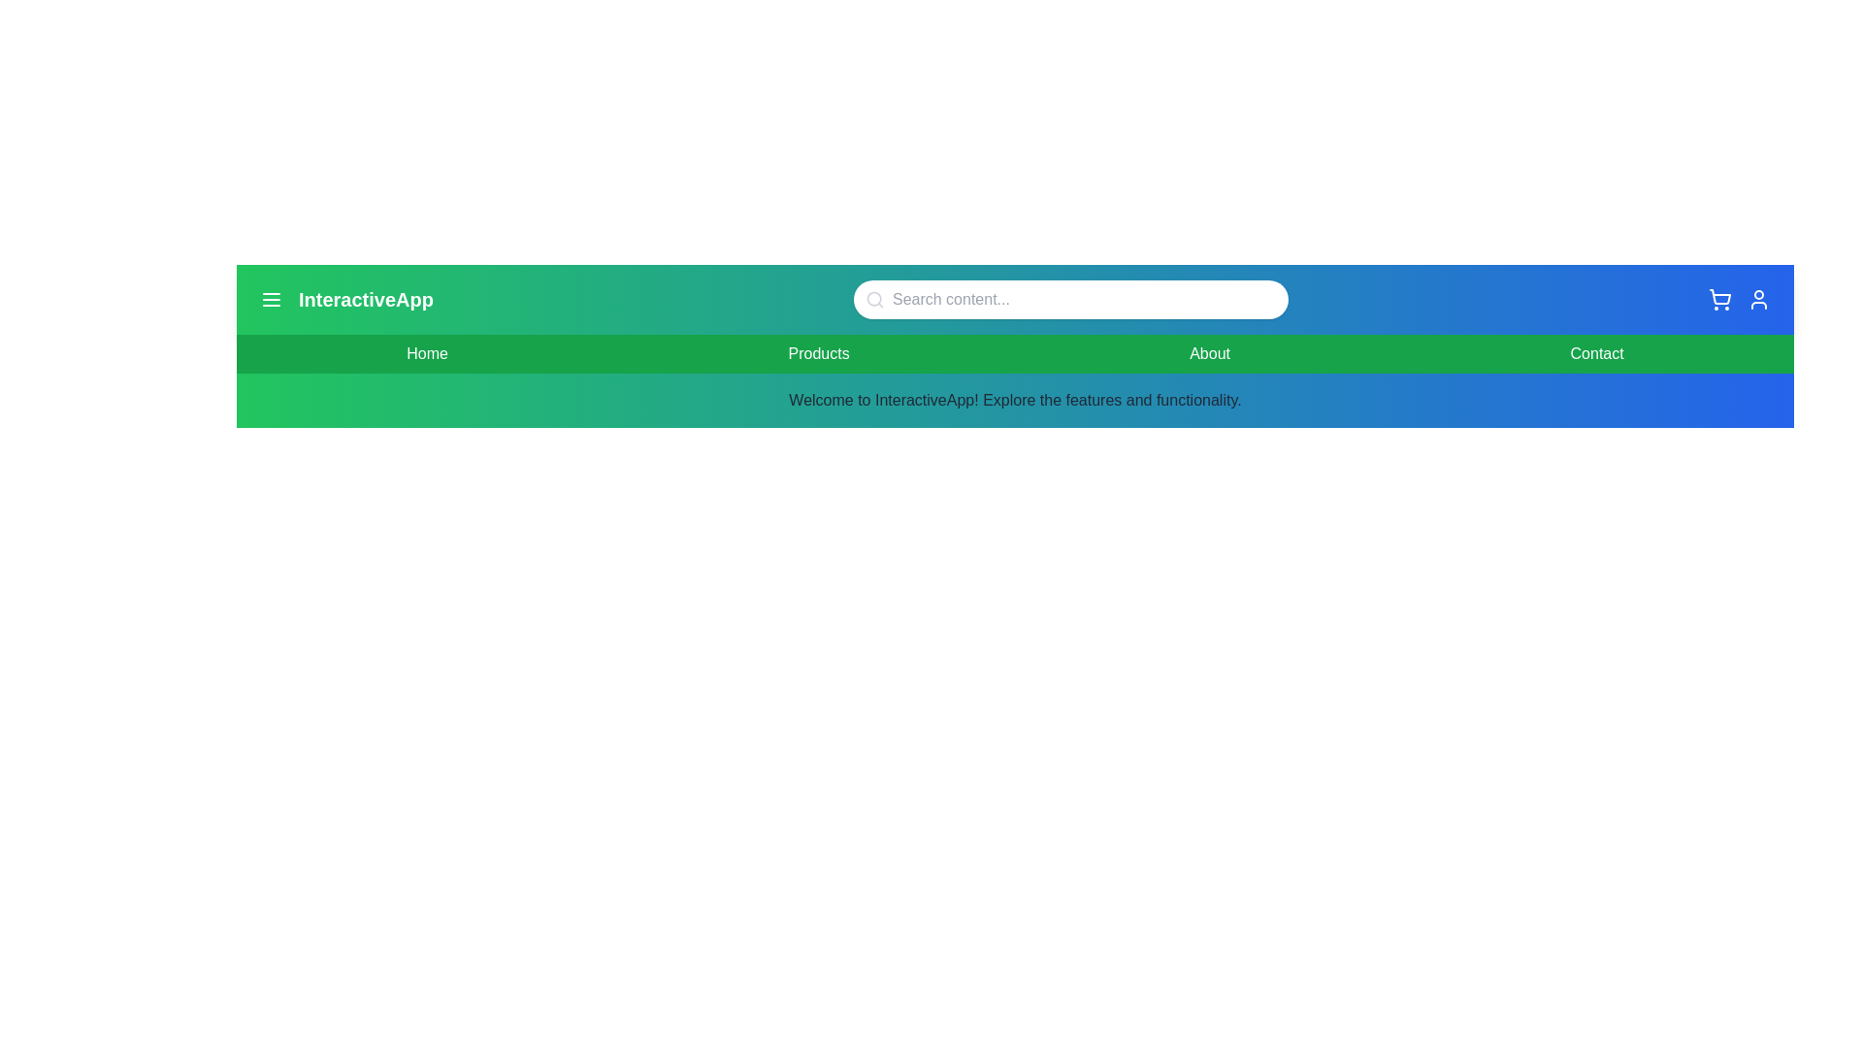 The width and height of the screenshot is (1863, 1048). I want to click on the About menu item to navigate, so click(1209, 354).